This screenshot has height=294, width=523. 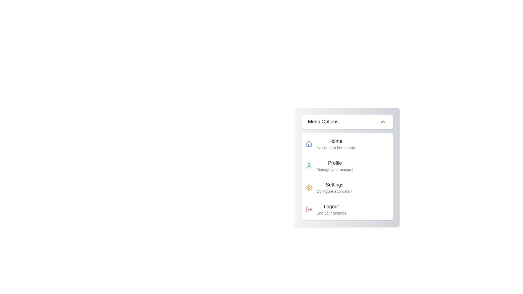 What do you see at coordinates (335, 163) in the screenshot?
I see `the 'Profile' label, which serves as the title text for the 'Profile' section in the menu, positioned centrally in the 'Menu Options' panel` at bounding box center [335, 163].